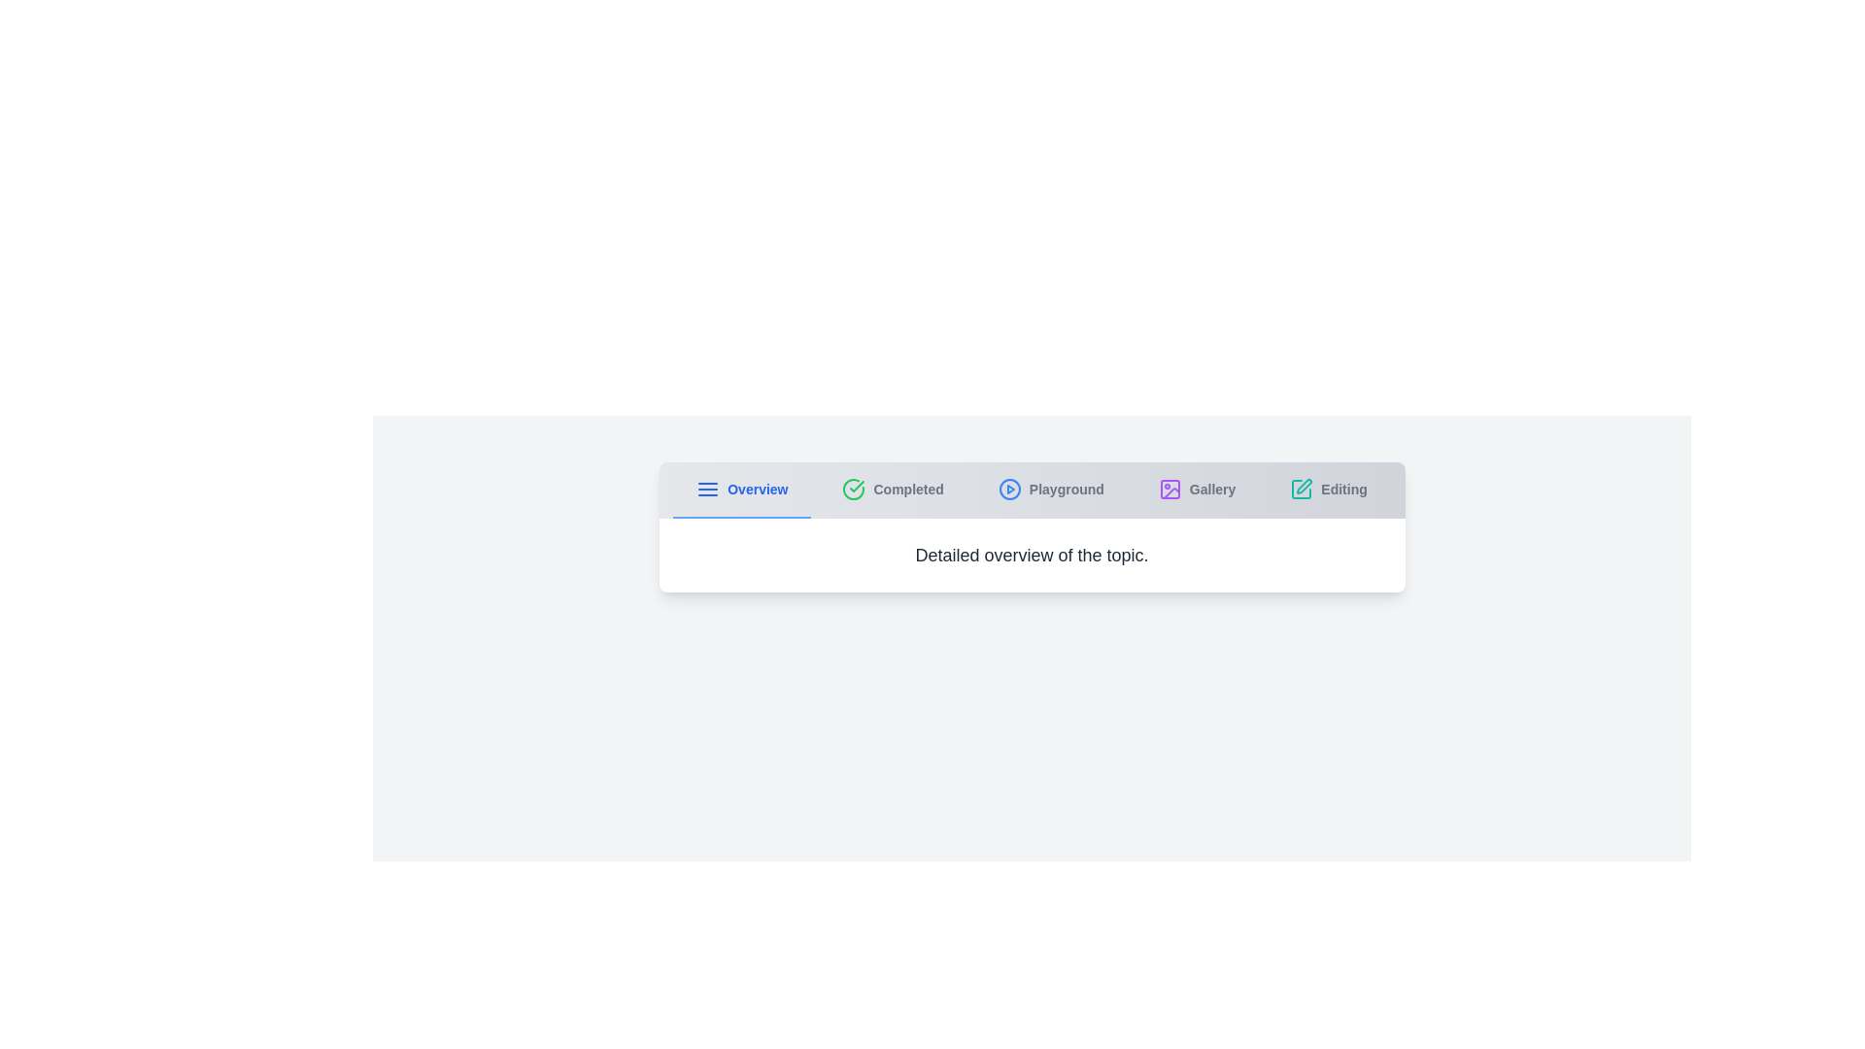  I want to click on the tab labeled 'Completed' to view its content, so click(892, 490).